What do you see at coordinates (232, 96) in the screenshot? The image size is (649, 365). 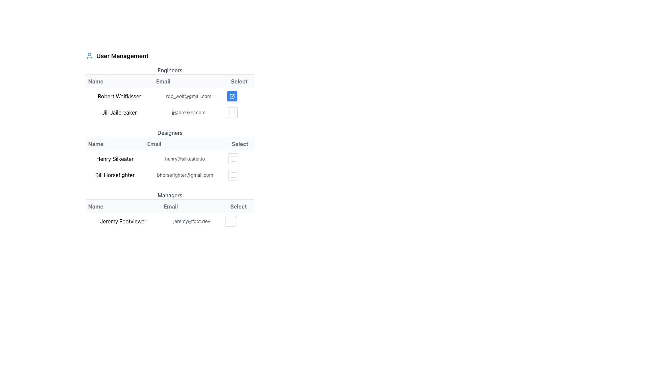 I see `the checkbox icon associated with the 'Robert Wolfkisser' row under the 'Engineers' group` at bounding box center [232, 96].